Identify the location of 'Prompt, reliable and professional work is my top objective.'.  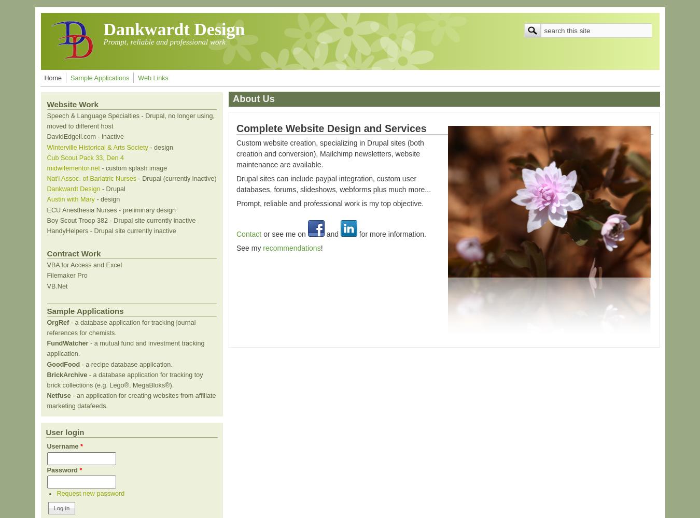
(330, 204).